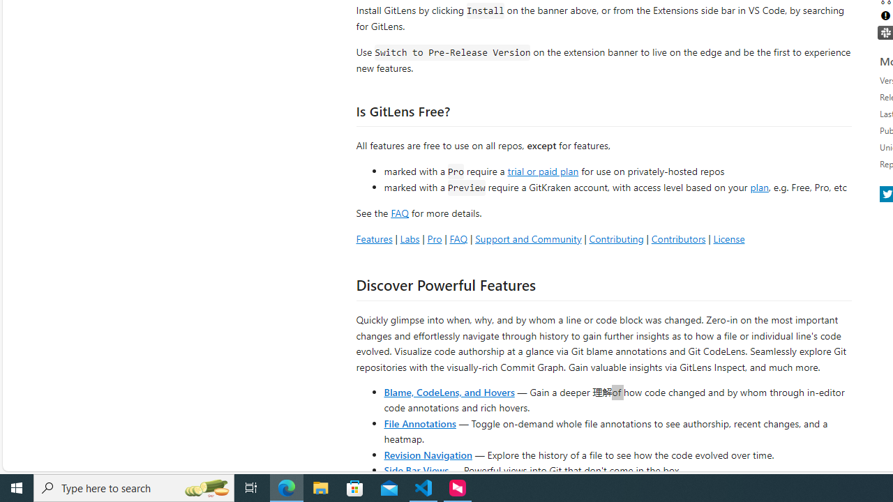 The height and width of the screenshot is (502, 893). Describe the element at coordinates (433, 238) in the screenshot. I see `'Pro'` at that location.